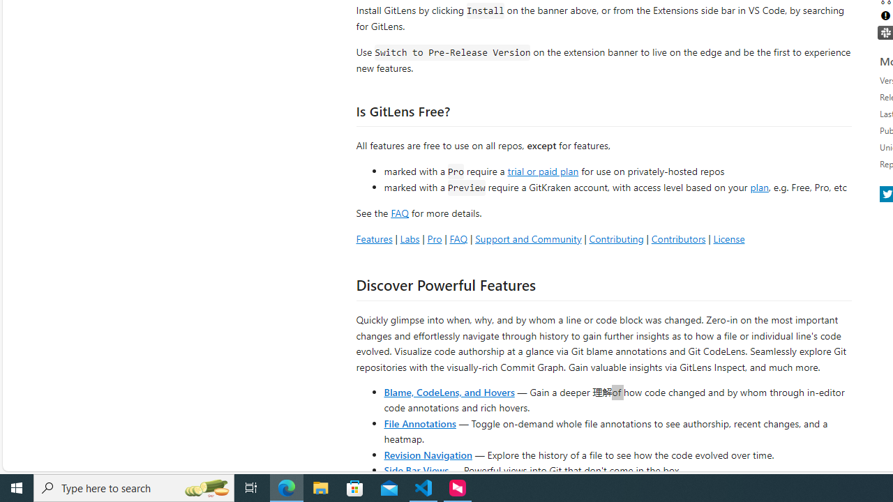 The height and width of the screenshot is (502, 893). Describe the element at coordinates (433, 238) in the screenshot. I see `'Pro'` at that location.